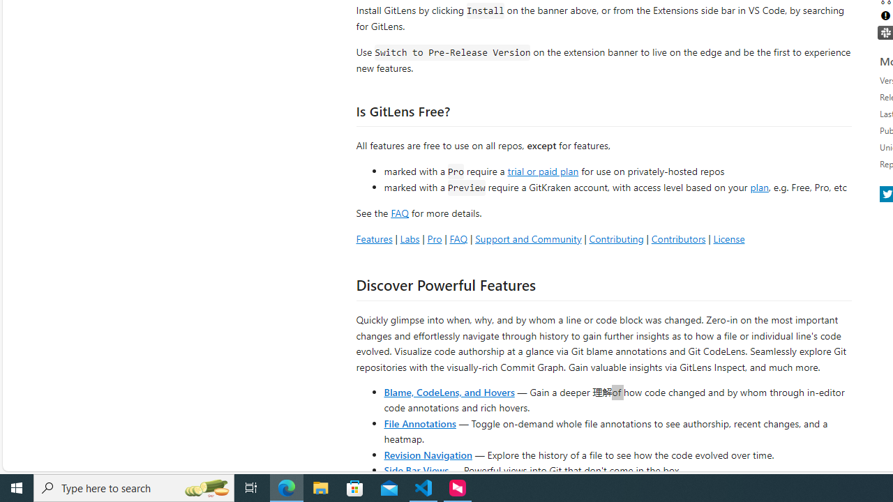 The height and width of the screenshot is (502, 893). Describe the element at coordinates (433, 238) in the screenshot. I see `'Pro'` at that location.